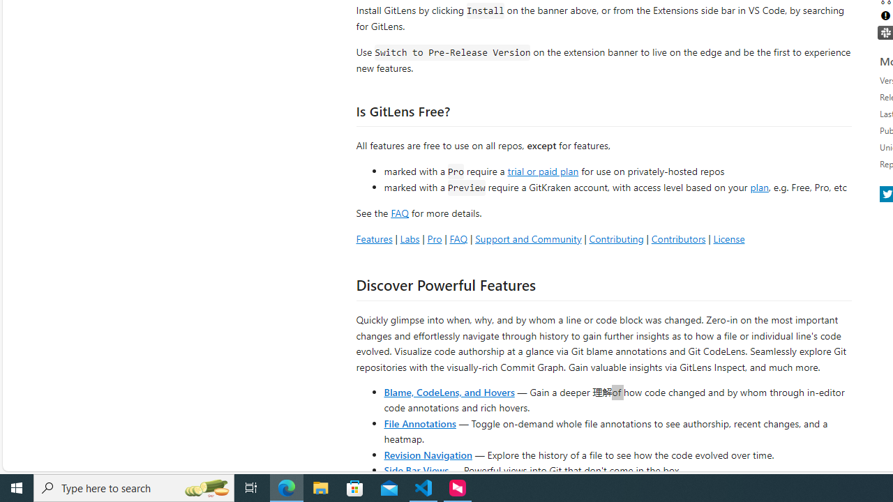 The height and width of the screenshot is (502, 893). Describe the element at coordinates (433, 238) in the screenshot. I see `'Pro'` at that location.